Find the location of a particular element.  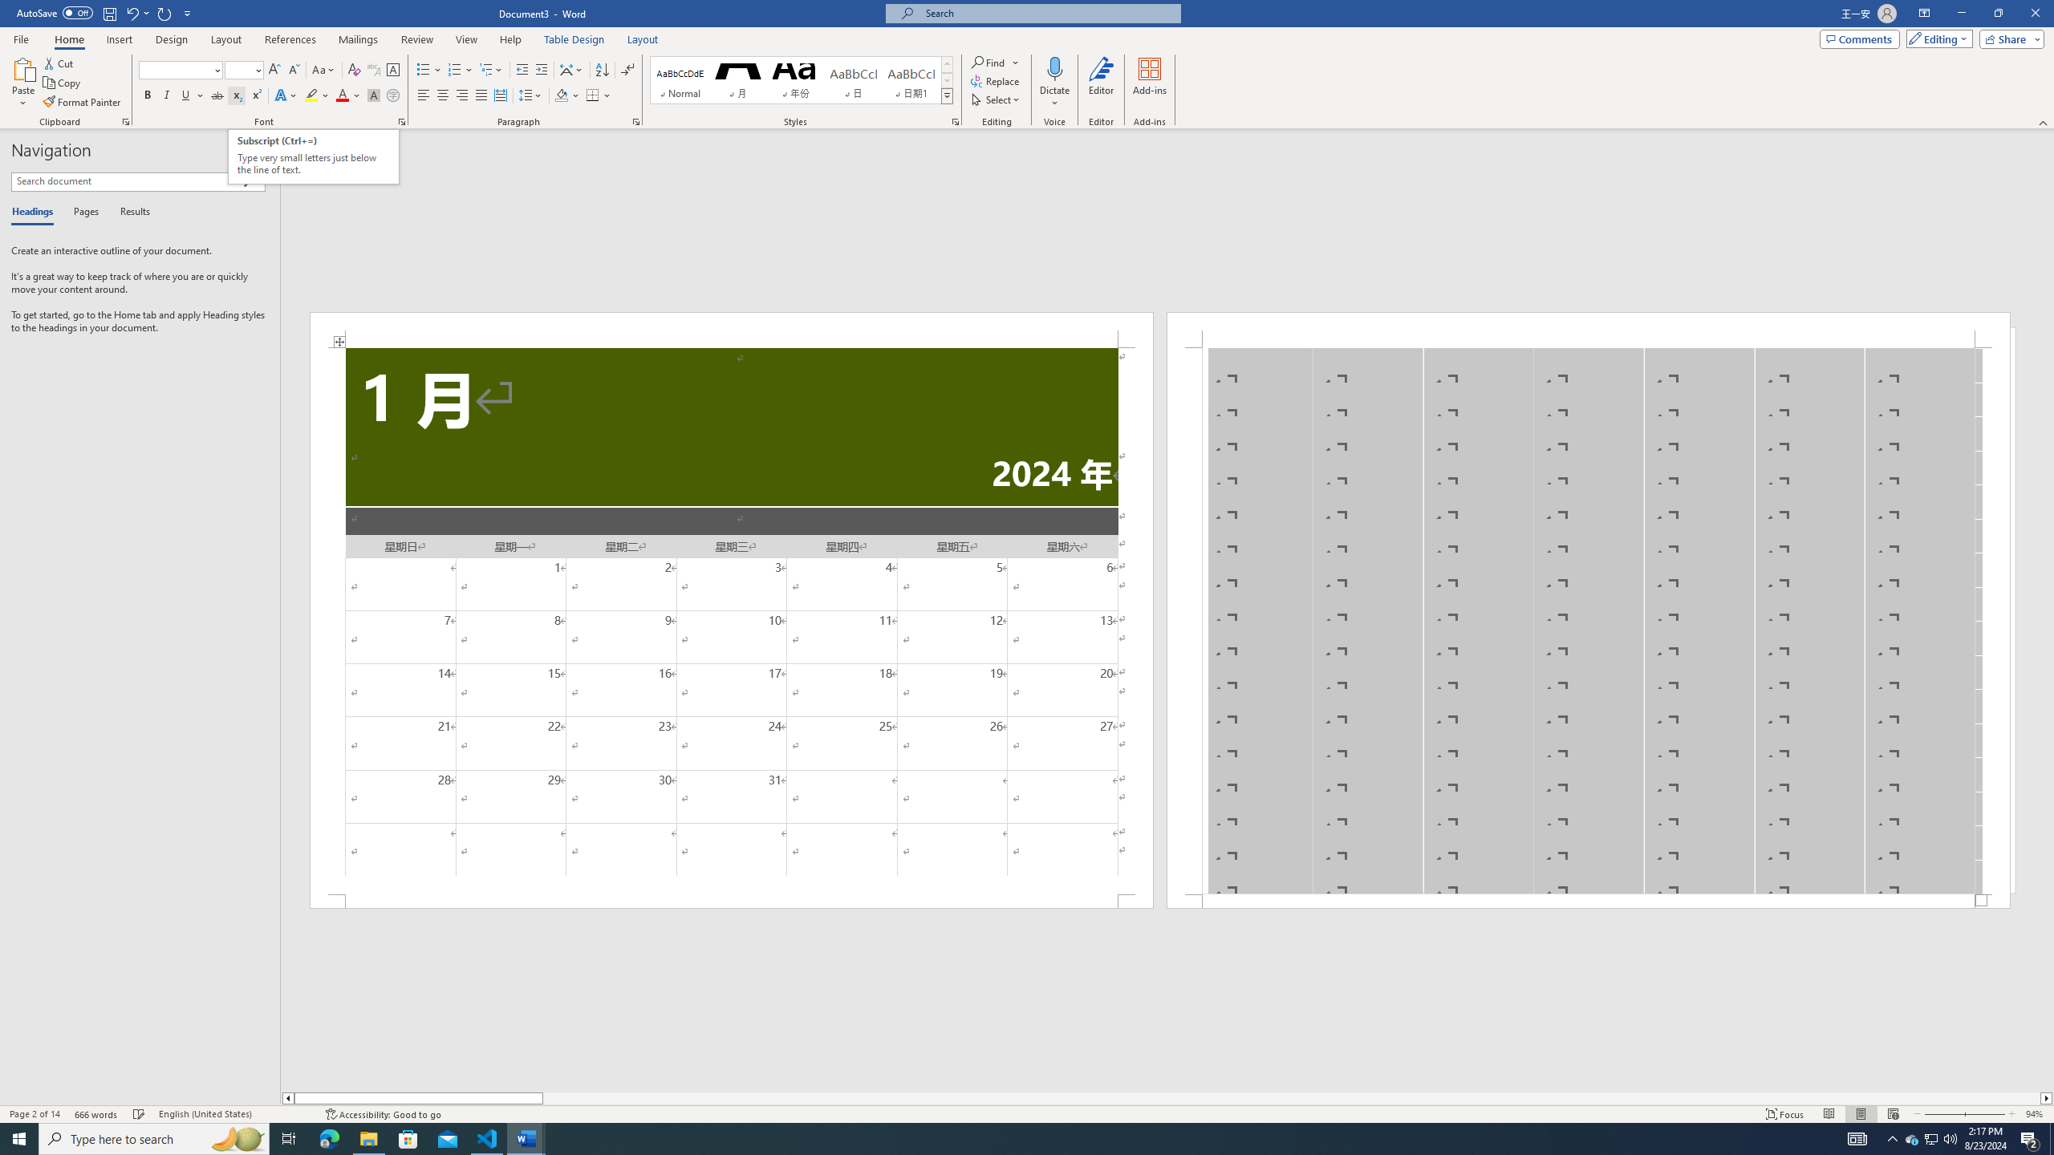

'Header -Section 1-' is located at coordinates (1589, 329).